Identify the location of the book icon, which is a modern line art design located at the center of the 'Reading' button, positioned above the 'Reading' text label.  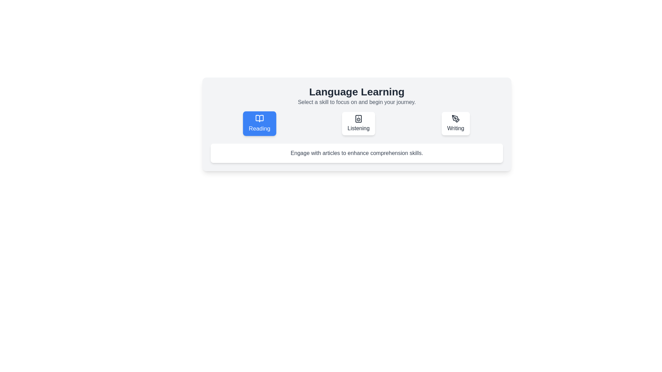
(259, 118).